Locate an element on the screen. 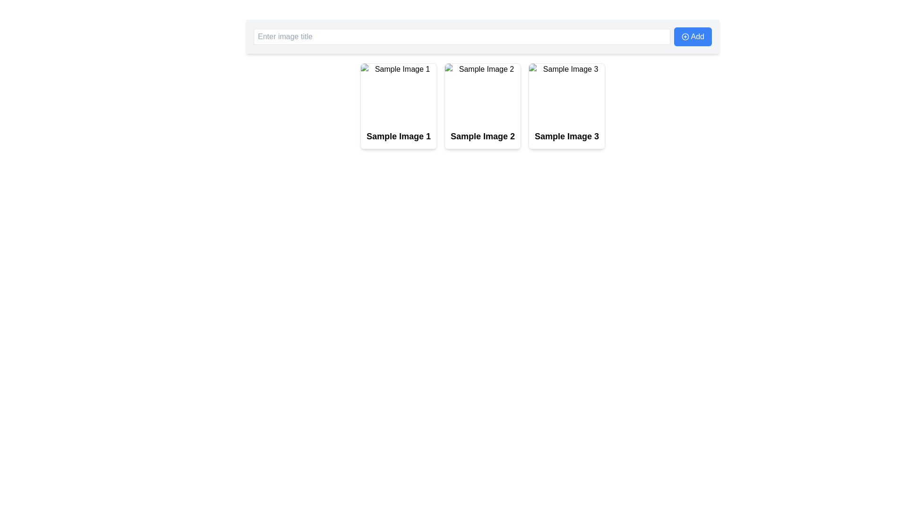  the circular SVG icon with a blue circle and a white plus sign, which is visually nested inside the 'Add' button located in the top-right corner of the interface is located at coordinates (685, 36).